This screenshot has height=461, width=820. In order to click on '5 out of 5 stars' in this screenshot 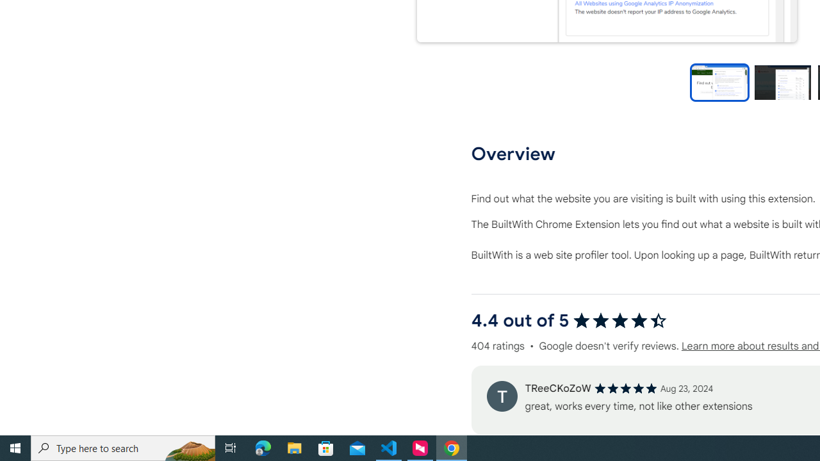, I will do `click(625, 387)`.